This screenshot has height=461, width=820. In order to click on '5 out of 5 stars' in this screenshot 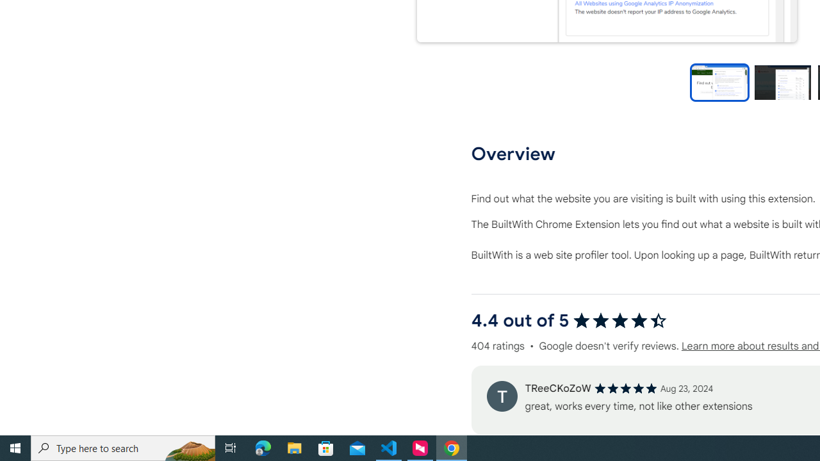, I will do `click(625, 387)`.